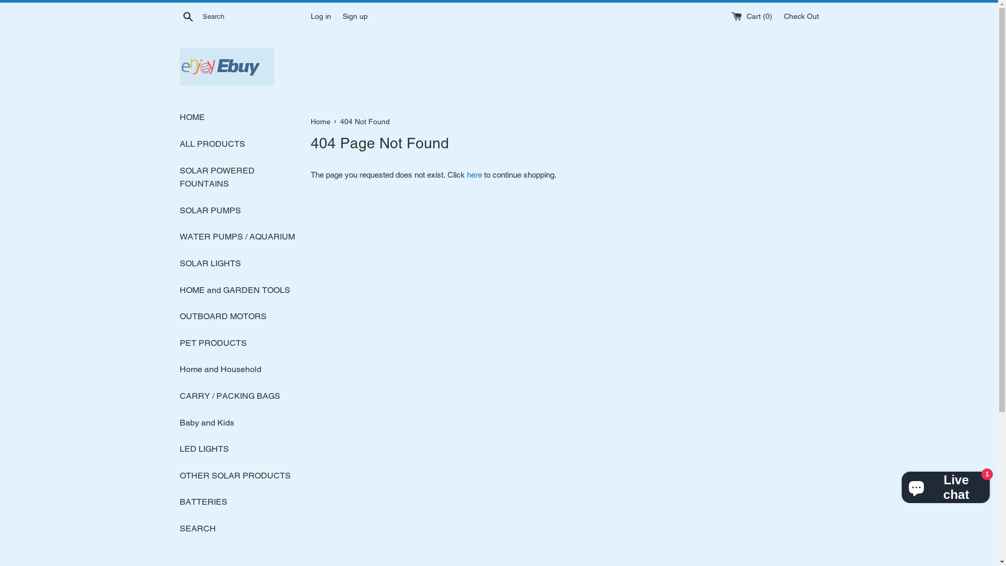 The height and width of the screenshot is (566, 1006). I want to click on 'OTHER SOLAR PRODUCTS', so click(236, 475).